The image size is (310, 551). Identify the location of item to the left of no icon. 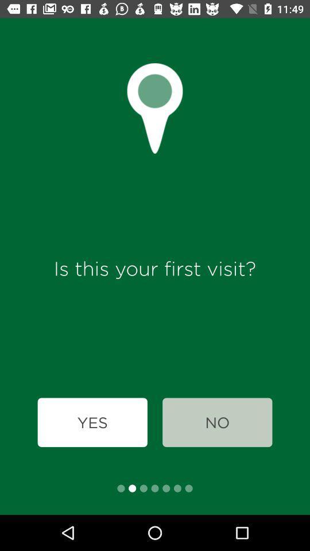
(92, 422).